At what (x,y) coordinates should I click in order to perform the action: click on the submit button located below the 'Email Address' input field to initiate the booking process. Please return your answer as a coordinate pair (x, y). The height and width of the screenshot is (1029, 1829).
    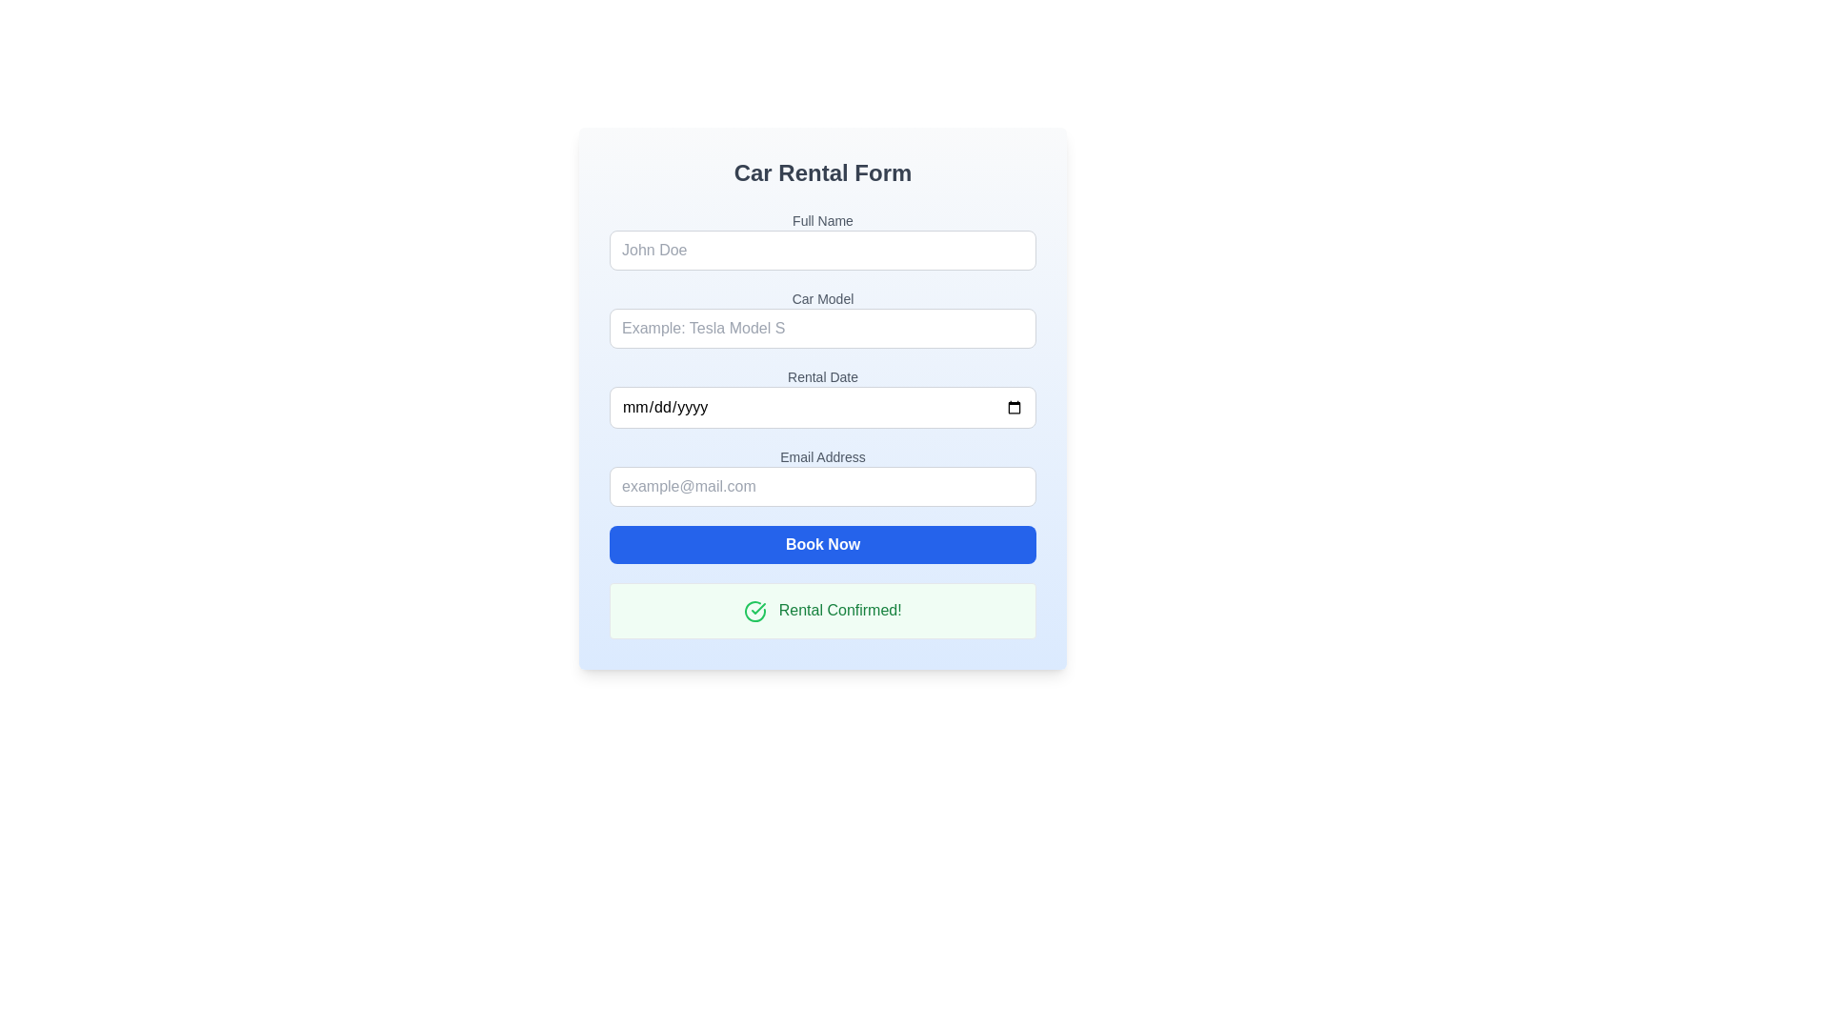
    Looking at the image, I should click on (823, 544).